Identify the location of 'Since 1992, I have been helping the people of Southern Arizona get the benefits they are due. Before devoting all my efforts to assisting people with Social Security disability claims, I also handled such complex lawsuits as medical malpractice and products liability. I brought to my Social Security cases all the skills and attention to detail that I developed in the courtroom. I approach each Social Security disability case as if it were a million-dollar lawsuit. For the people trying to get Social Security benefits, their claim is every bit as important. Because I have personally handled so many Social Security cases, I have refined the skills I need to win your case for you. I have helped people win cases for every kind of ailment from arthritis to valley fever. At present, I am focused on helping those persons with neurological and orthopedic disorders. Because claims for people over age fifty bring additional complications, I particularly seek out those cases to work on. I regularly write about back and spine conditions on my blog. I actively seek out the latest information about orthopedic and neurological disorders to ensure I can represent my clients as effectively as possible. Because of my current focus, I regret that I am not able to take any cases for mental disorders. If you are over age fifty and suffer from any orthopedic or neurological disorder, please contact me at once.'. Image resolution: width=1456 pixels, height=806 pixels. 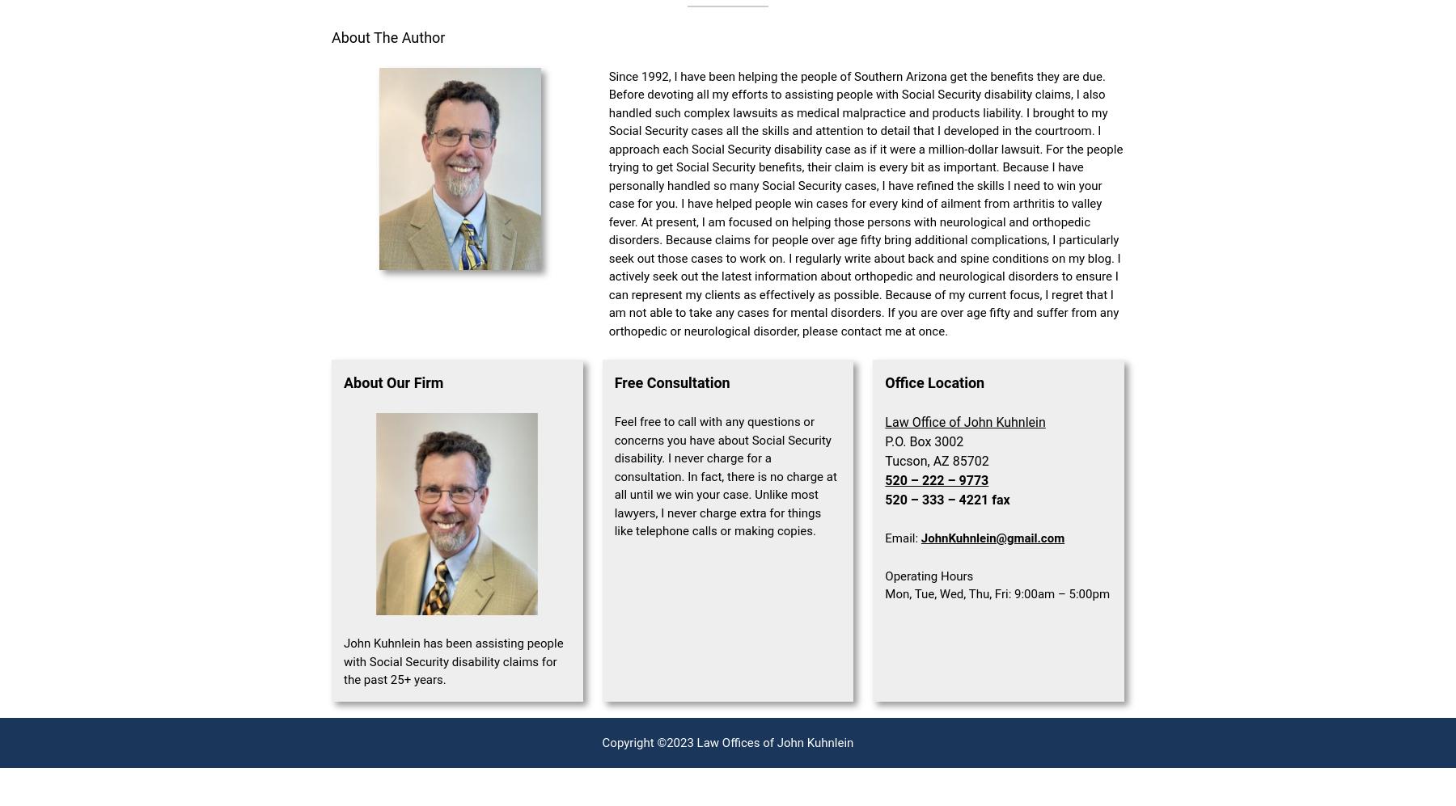
(607, 202).